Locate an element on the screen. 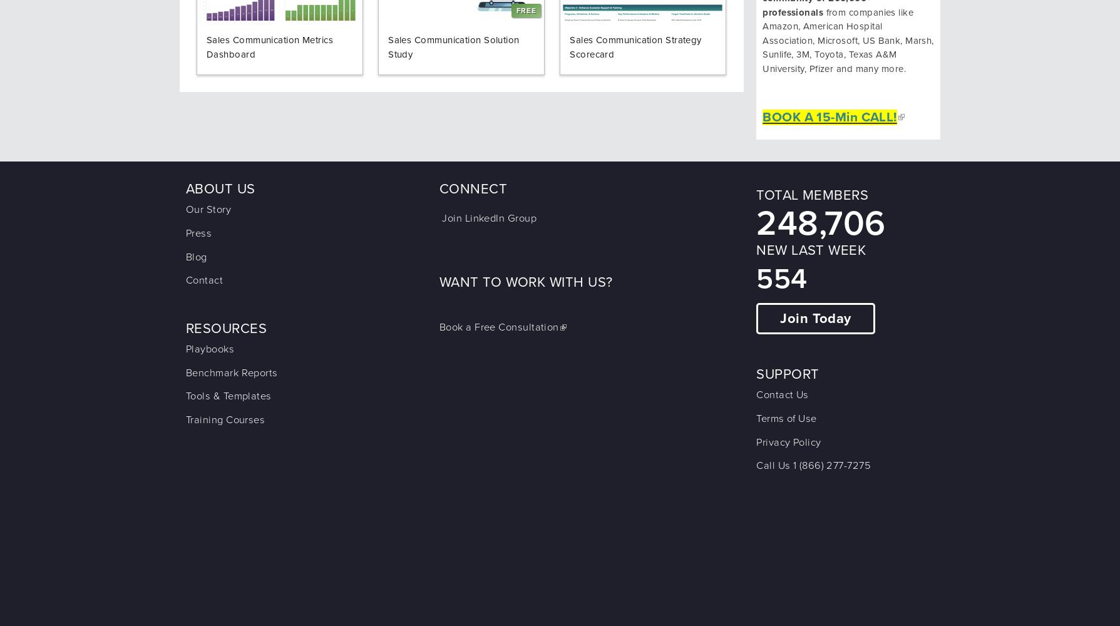 The height and width of the screenshot is (626, 1120). 'Tools & Templates' is located at coordinates (227, 396).